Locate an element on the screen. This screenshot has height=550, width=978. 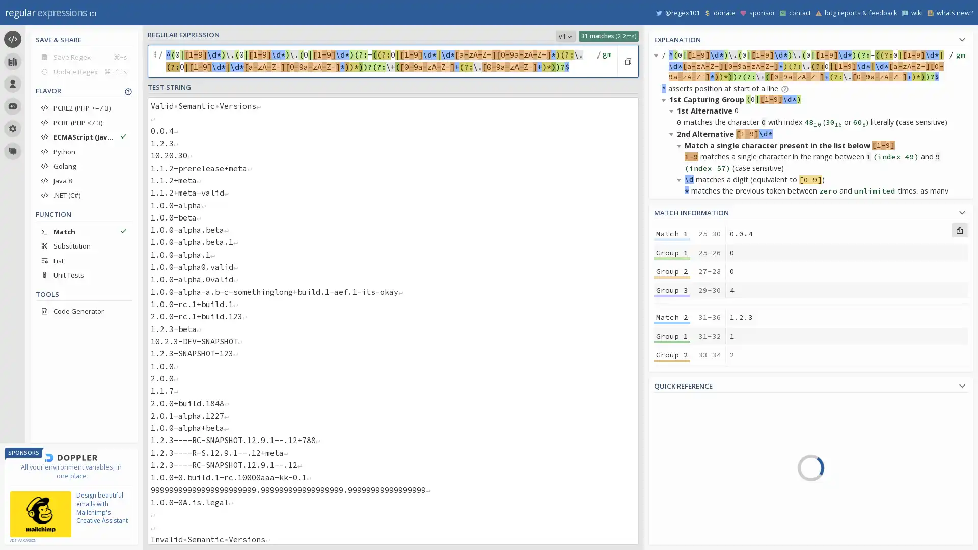
A character in the range: a-z or A-Z [a-zA-Z] is located at coordinates (861, 461).